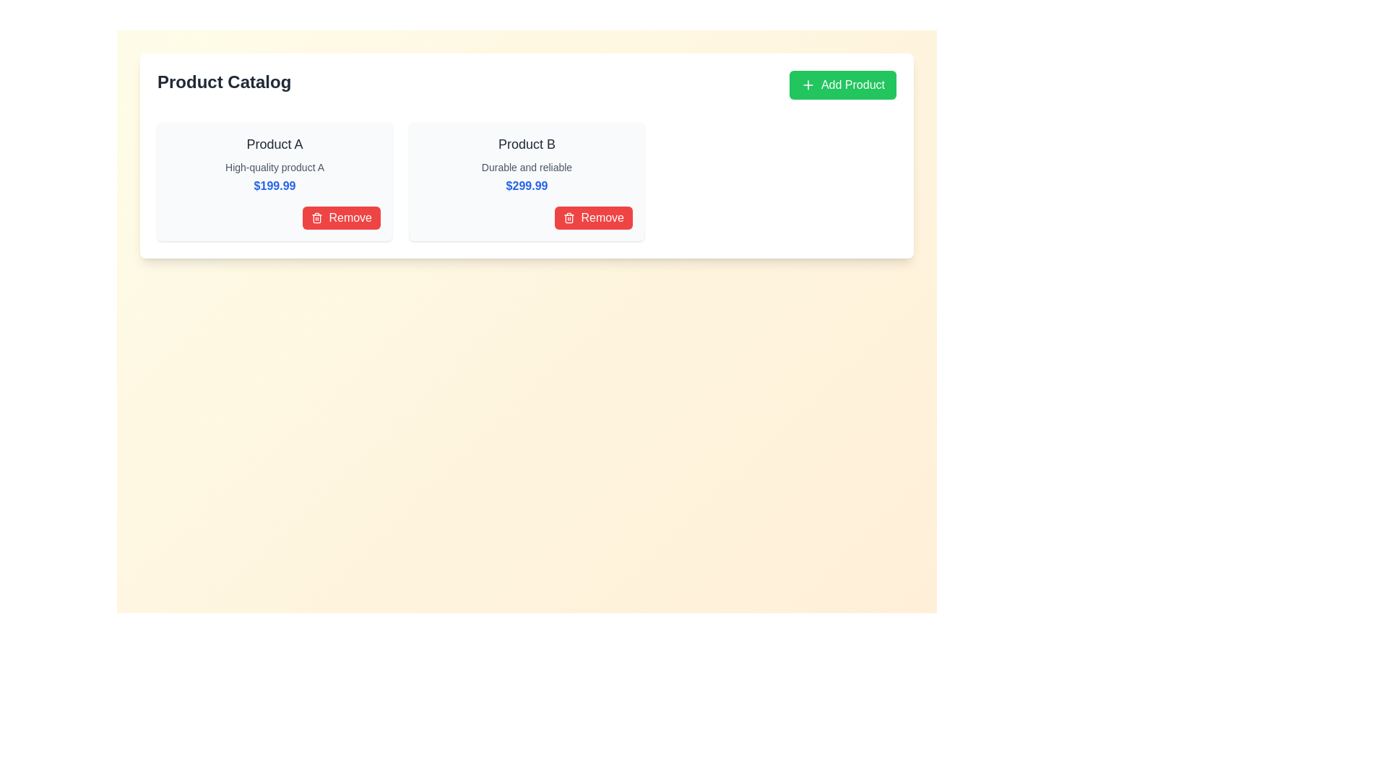 The image size is (1387, 780). What do you see at coordinates (526, 166) in the screenshot?
I see `the descriptive text element that contains the text 'Durable and reliable', which is styled with small-sized, gray-colored font and is positioned below the title 'Product B' and above the price text of '$299.99'` at bounding box center [526, 166].